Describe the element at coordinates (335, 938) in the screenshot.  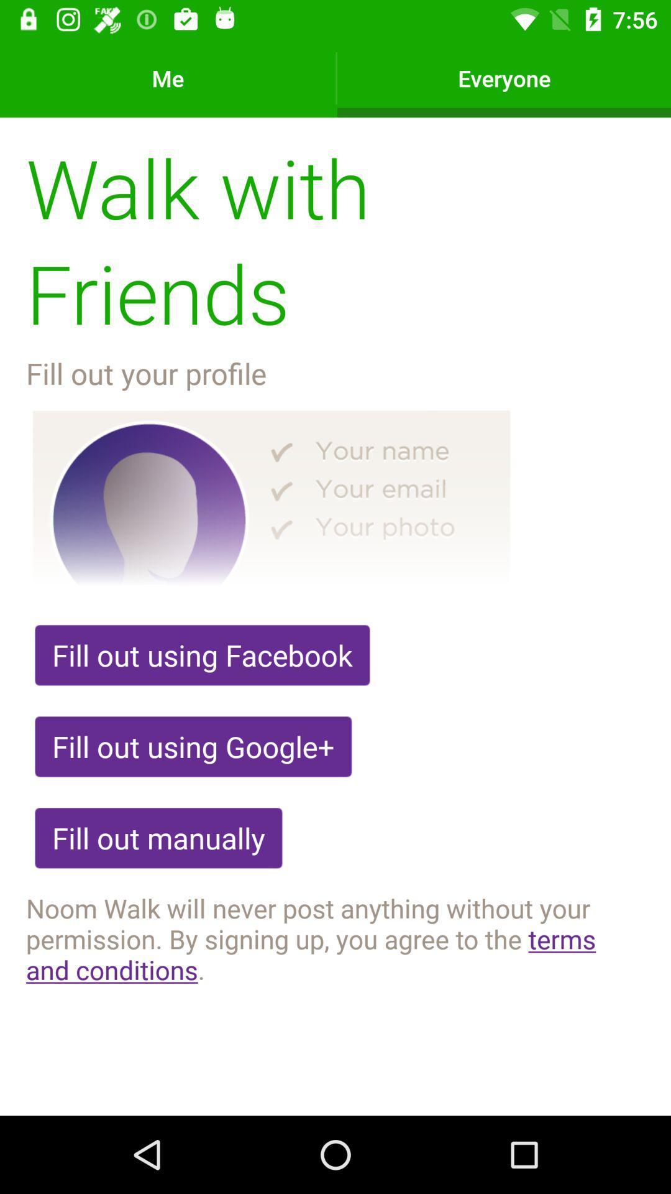
I see `noom walk will` at that location.